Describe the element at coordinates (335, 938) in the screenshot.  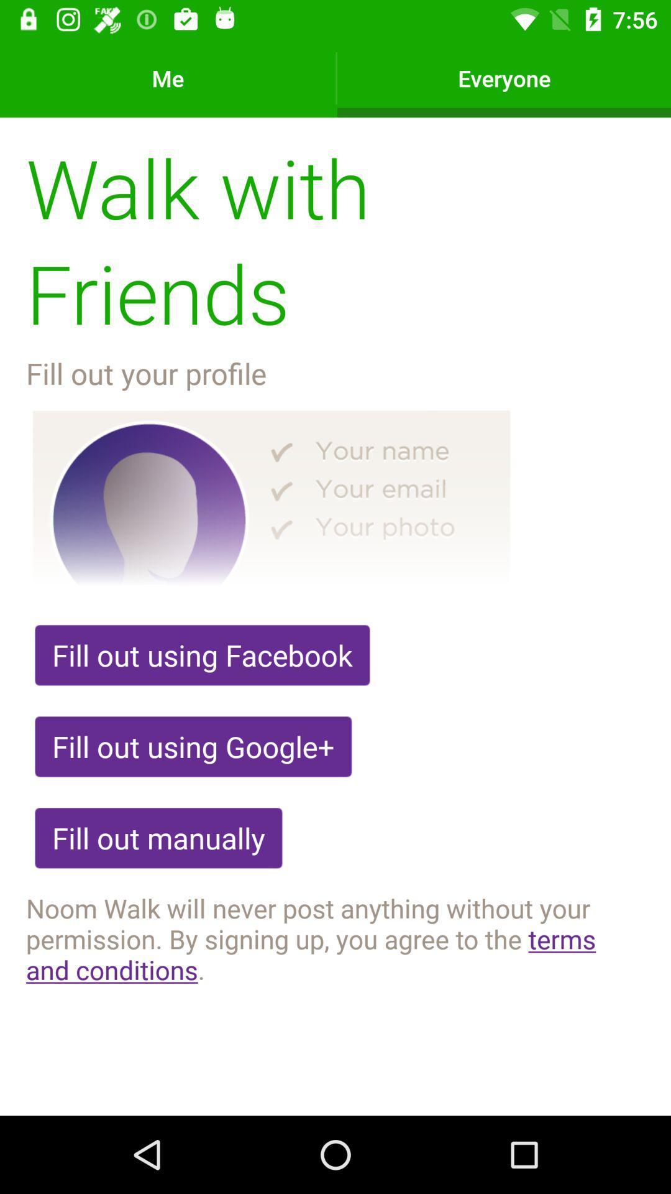
I see `noom walk will` at that location.